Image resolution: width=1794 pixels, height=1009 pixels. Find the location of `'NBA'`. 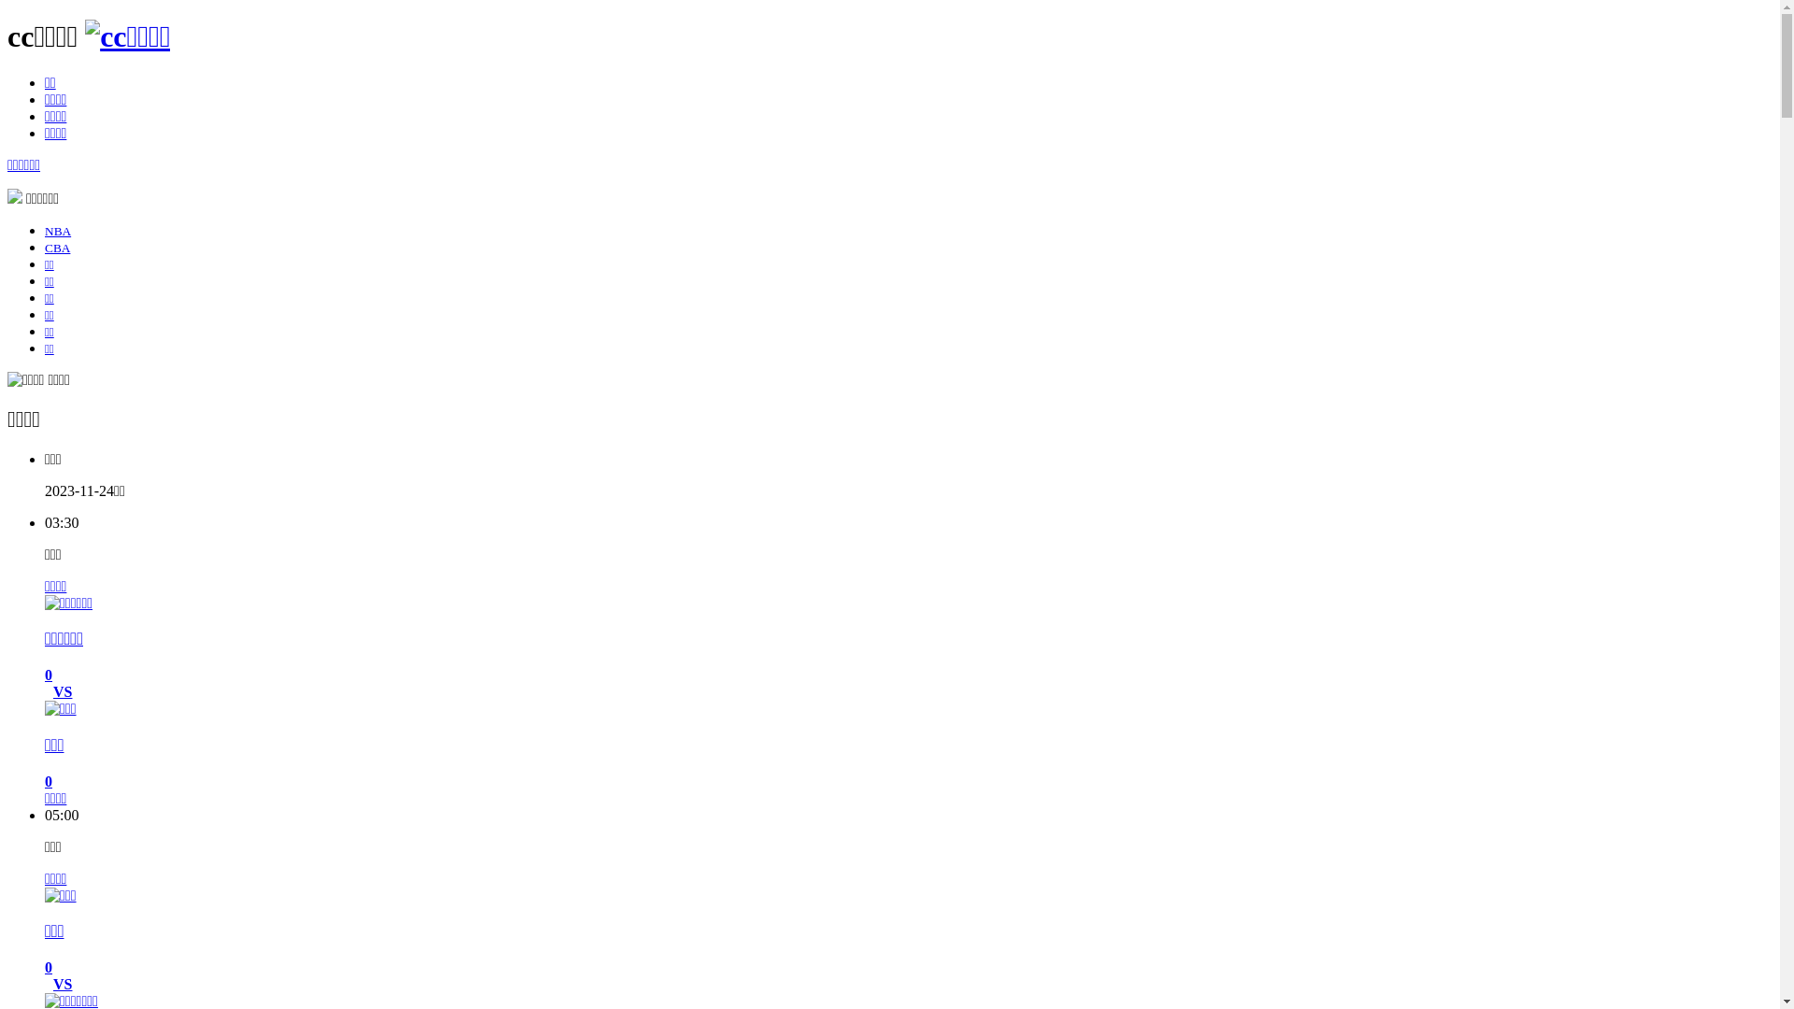

'NBA' is located at coordinates (58, 230).